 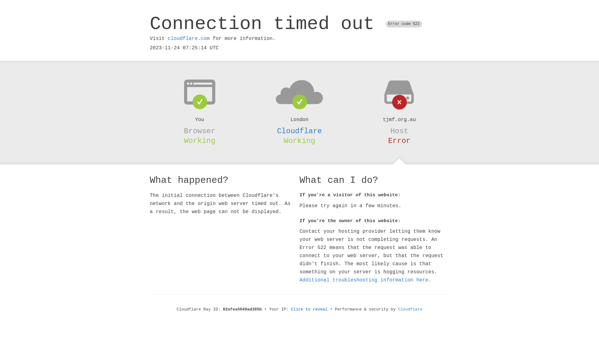 I want to click on 'Click to reveal', so click(x=309, y=309).